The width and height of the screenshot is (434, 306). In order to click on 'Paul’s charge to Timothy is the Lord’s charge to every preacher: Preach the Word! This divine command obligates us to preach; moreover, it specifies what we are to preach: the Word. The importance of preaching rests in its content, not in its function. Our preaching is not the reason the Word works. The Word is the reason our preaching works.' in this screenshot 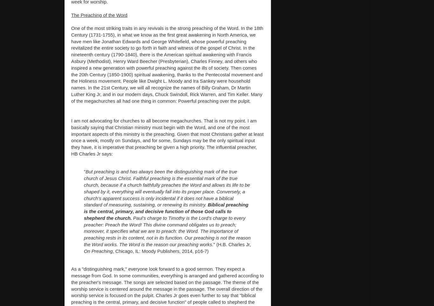, I will do `click(167, 231)`.